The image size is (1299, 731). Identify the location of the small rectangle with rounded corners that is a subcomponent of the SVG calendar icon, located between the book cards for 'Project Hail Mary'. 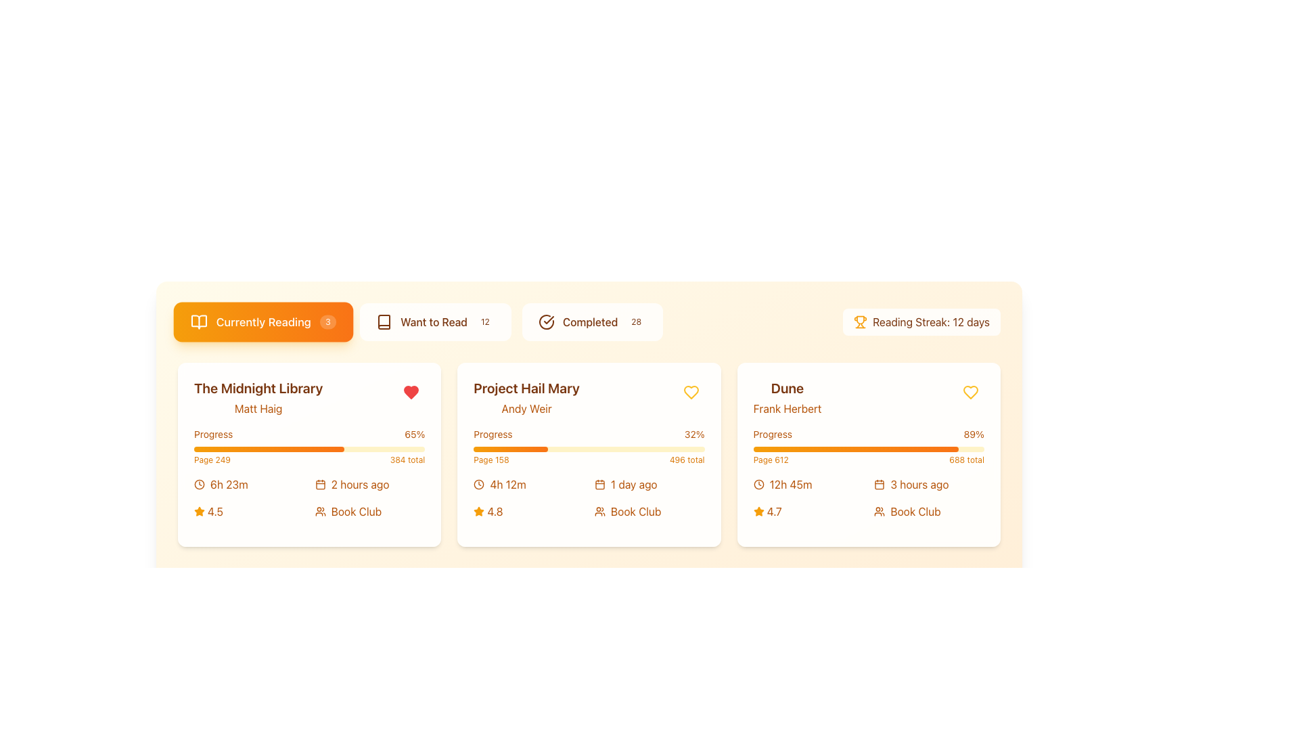
(599, 484).